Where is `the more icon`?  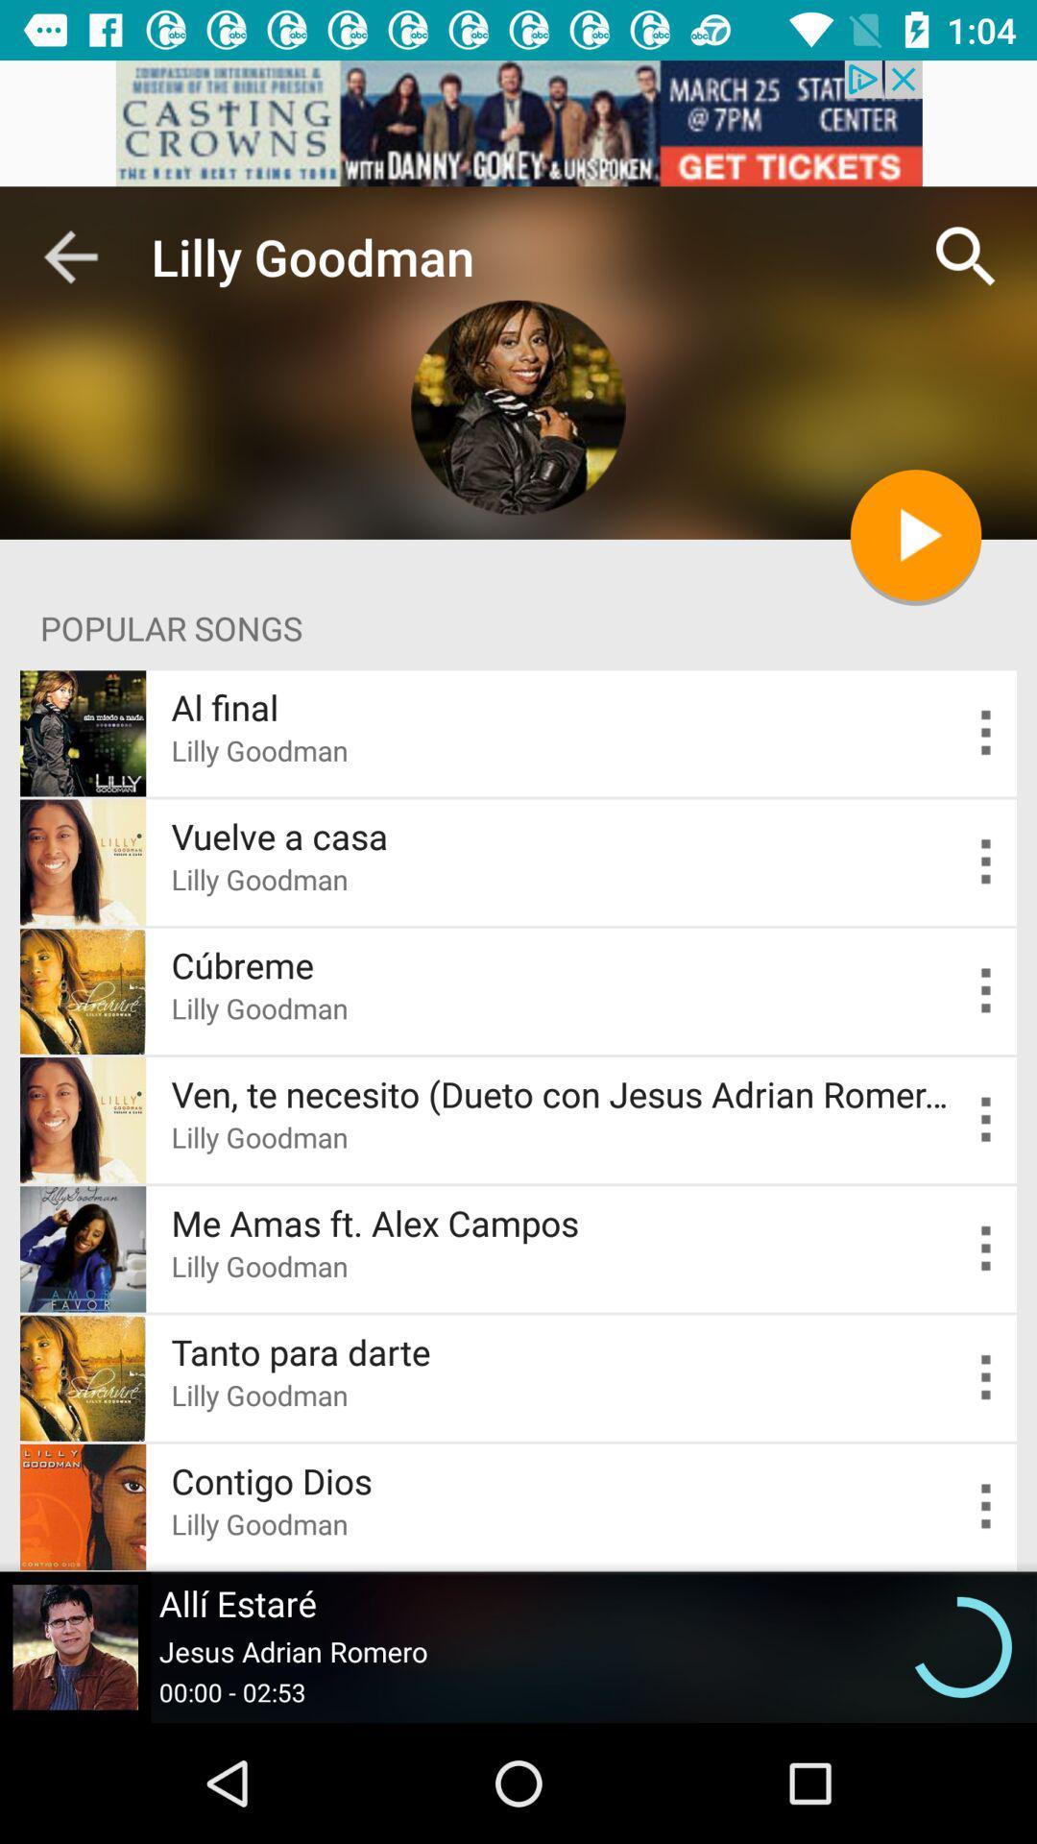
the more icon is located at coordinates (986, 991).